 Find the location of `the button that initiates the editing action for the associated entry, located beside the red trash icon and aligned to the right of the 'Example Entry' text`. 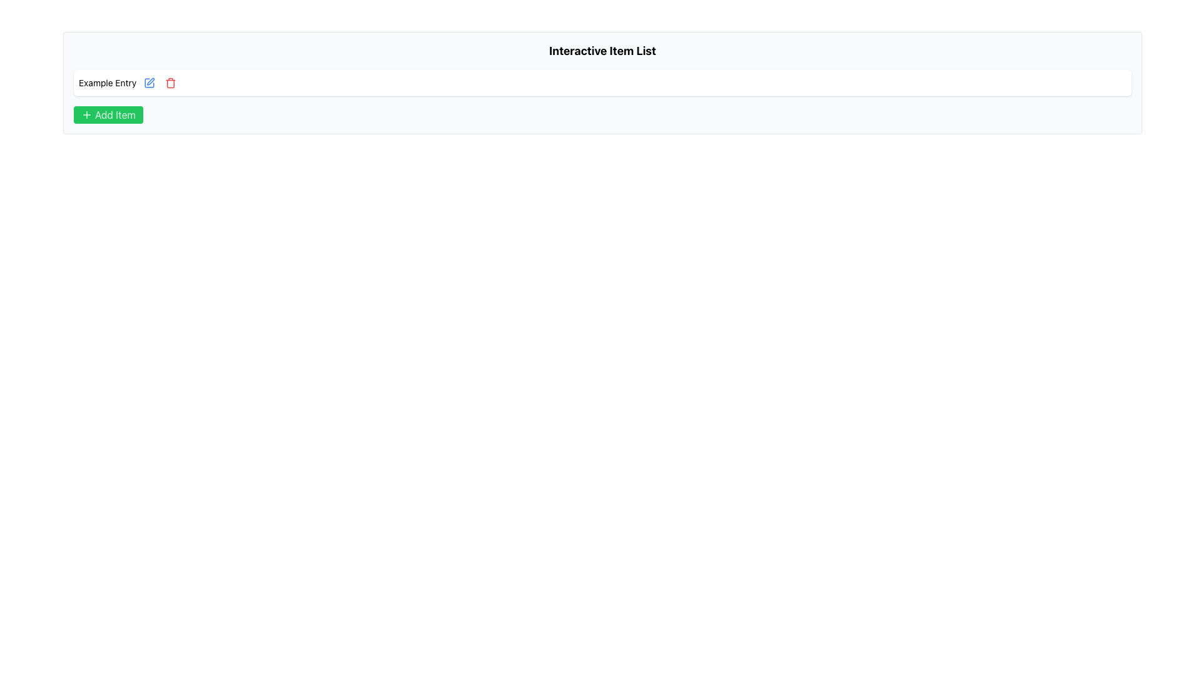

the button that initiates the editing action for the associated entry, located beside the red trash icon and aligned to the right of the 'Example Entry' text is located at coordinates (149, 82).